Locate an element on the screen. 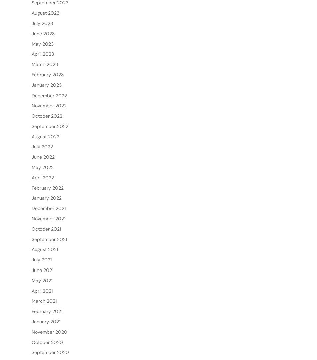 The image size is (317, 360). 'October 2022' is located at coordinates (47, 137).